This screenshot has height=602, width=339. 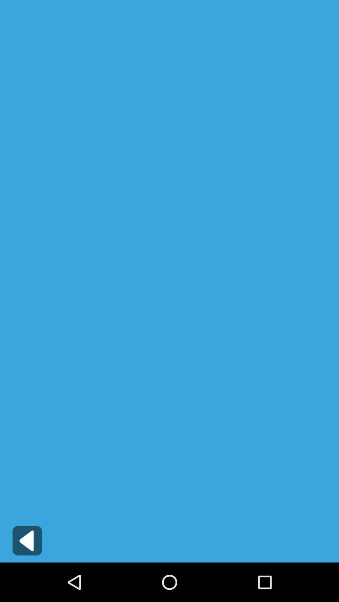 What do you see at coordinates (27, 540) in the screenshot?
I see `back` at bounding box center [27, 540].